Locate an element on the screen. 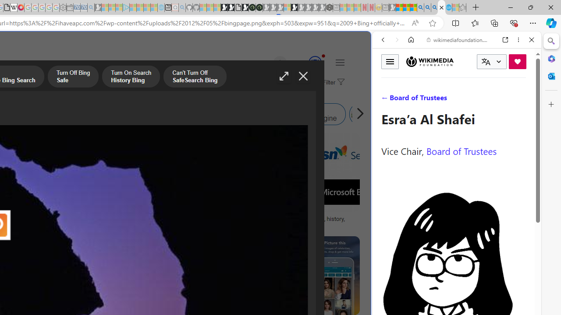  'AutomationID: serp_medal_svg' is located at coordinates (315, 62).